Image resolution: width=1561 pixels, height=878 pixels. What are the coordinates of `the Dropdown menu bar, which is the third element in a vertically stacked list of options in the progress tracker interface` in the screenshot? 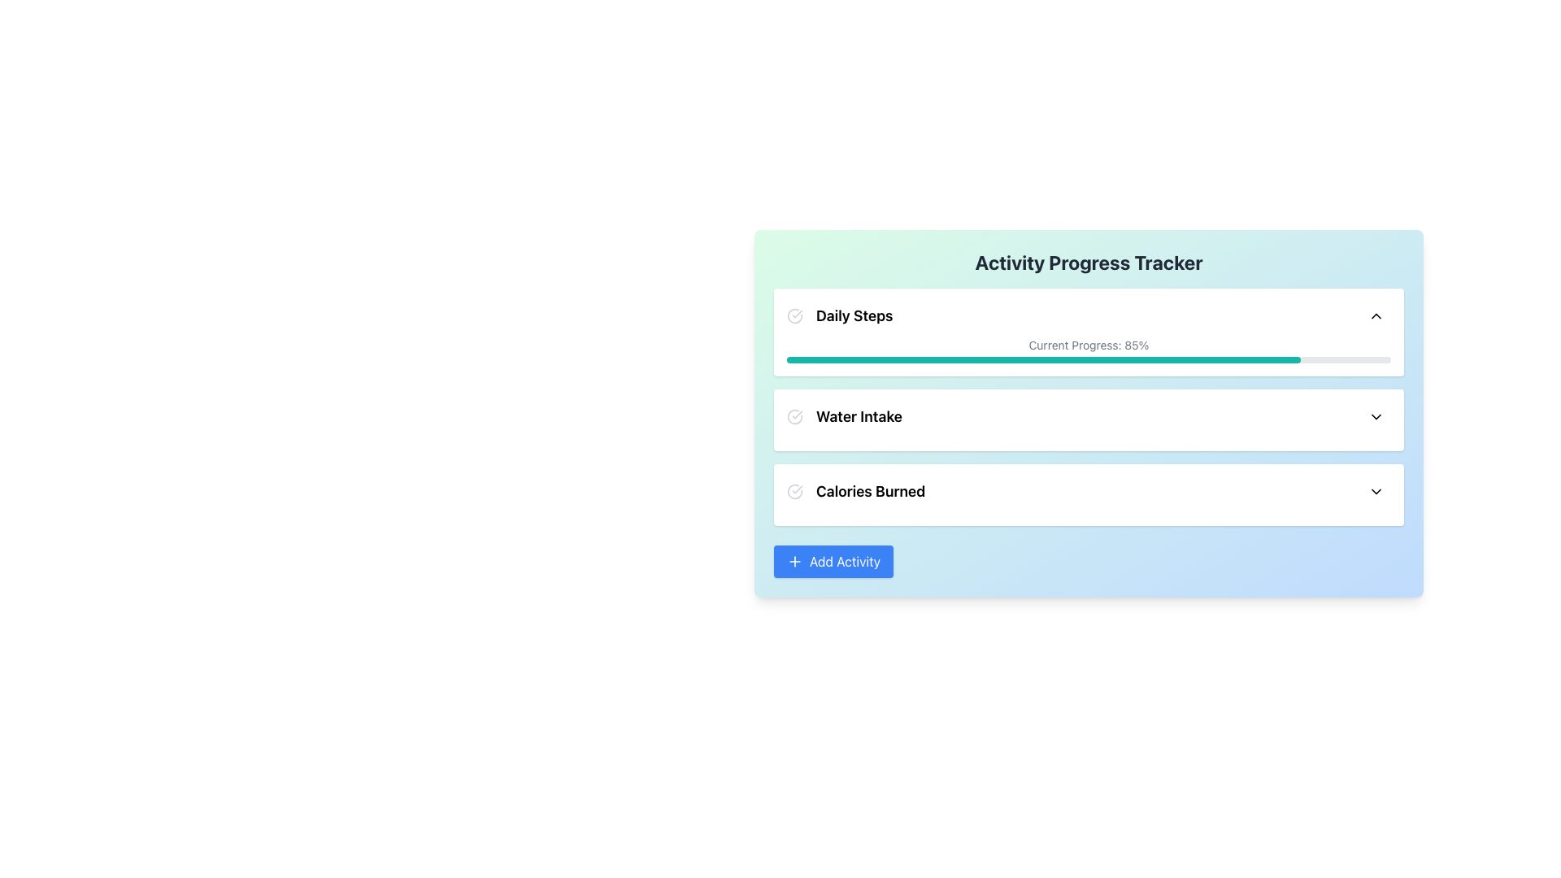 It's located at (1089, 491).